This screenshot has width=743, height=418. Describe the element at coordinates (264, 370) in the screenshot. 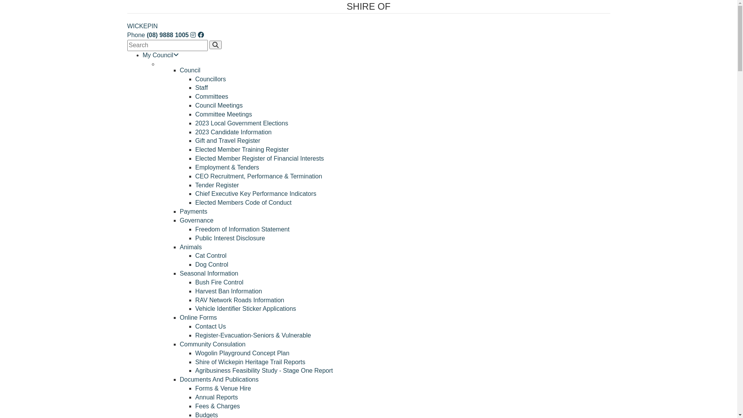

I see `'Agribusiness Feasibility Study - Stage One Report'` at that location.